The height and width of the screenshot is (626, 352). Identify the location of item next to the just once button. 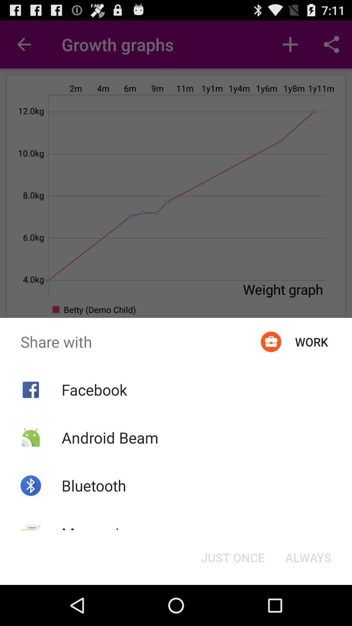
(99, 533).